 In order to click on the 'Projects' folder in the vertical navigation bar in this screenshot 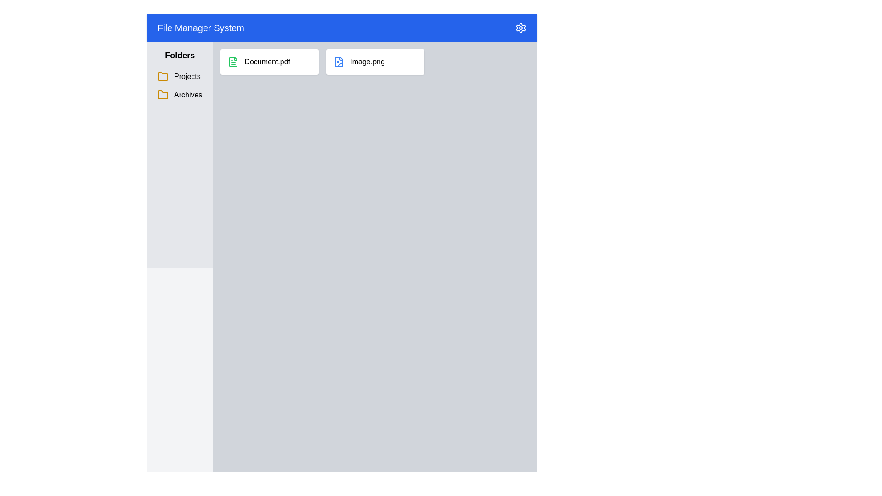, I will do `click(180, 76)`.